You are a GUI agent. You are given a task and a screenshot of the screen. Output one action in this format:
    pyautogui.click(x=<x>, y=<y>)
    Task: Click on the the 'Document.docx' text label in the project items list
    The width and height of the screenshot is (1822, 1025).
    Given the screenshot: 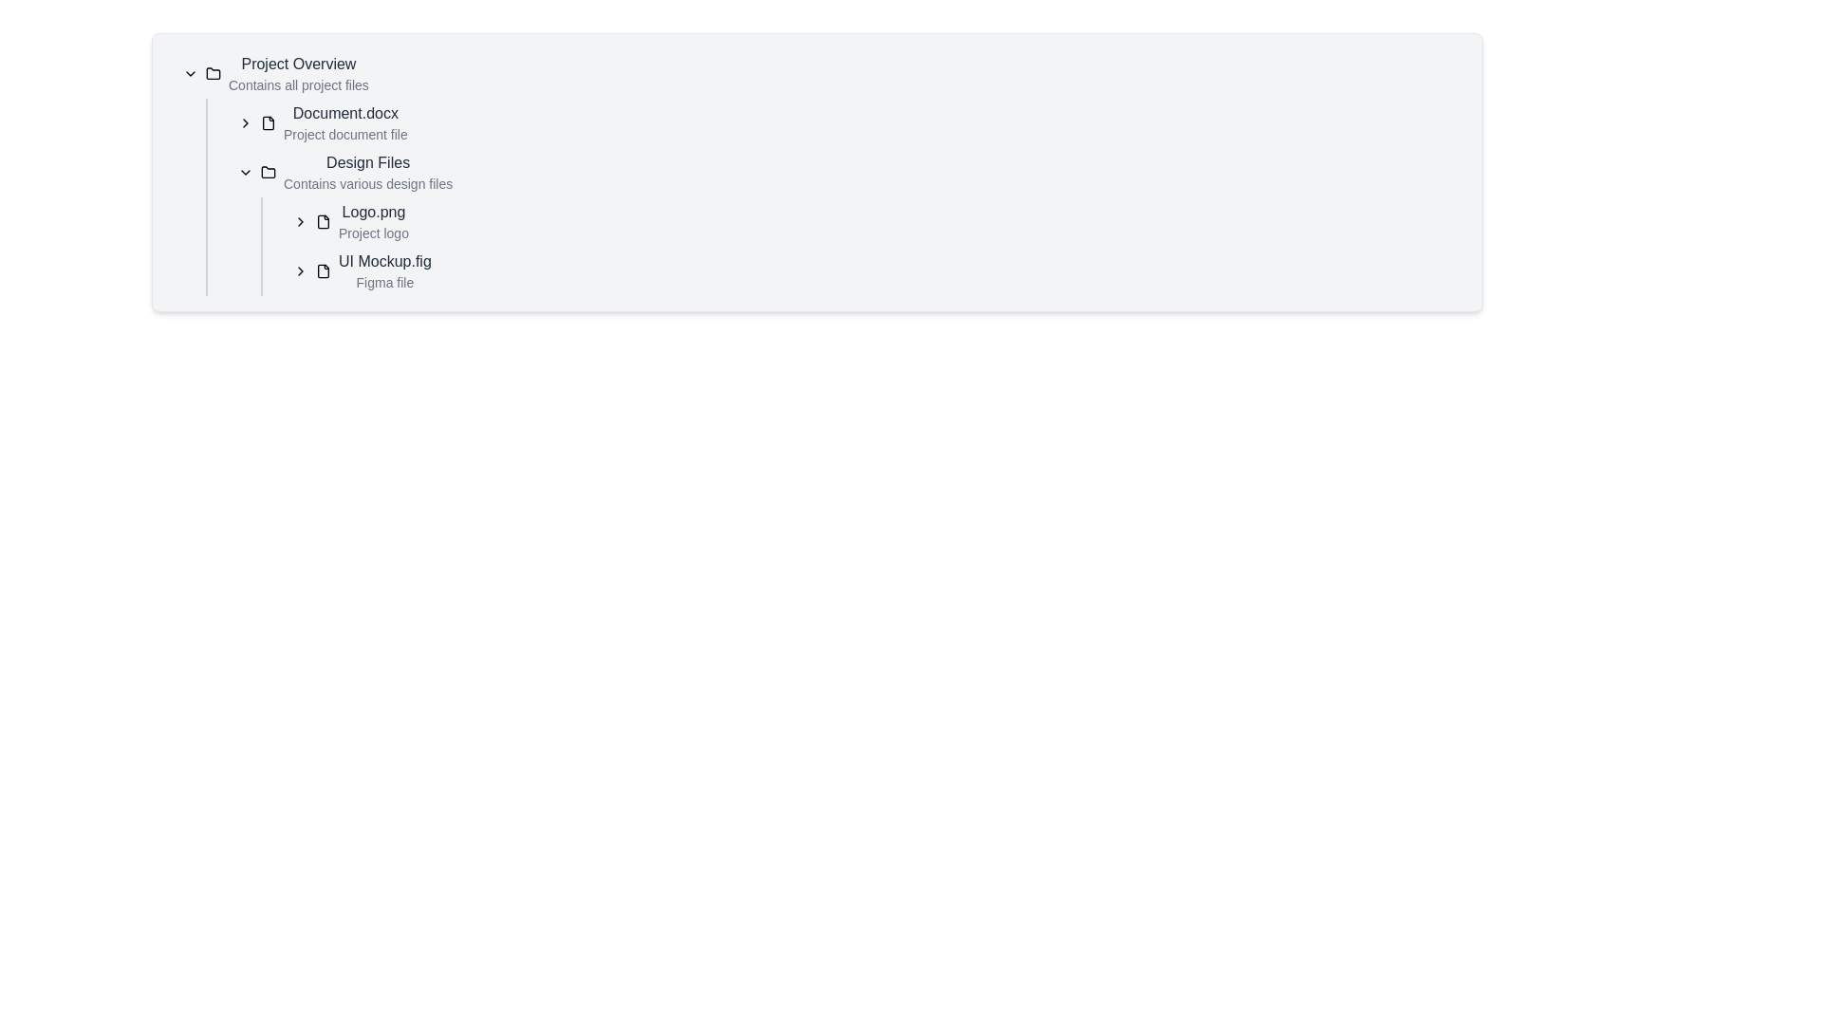 What is the action you would take?
    pyautogui.click(x=345, y=113)
    